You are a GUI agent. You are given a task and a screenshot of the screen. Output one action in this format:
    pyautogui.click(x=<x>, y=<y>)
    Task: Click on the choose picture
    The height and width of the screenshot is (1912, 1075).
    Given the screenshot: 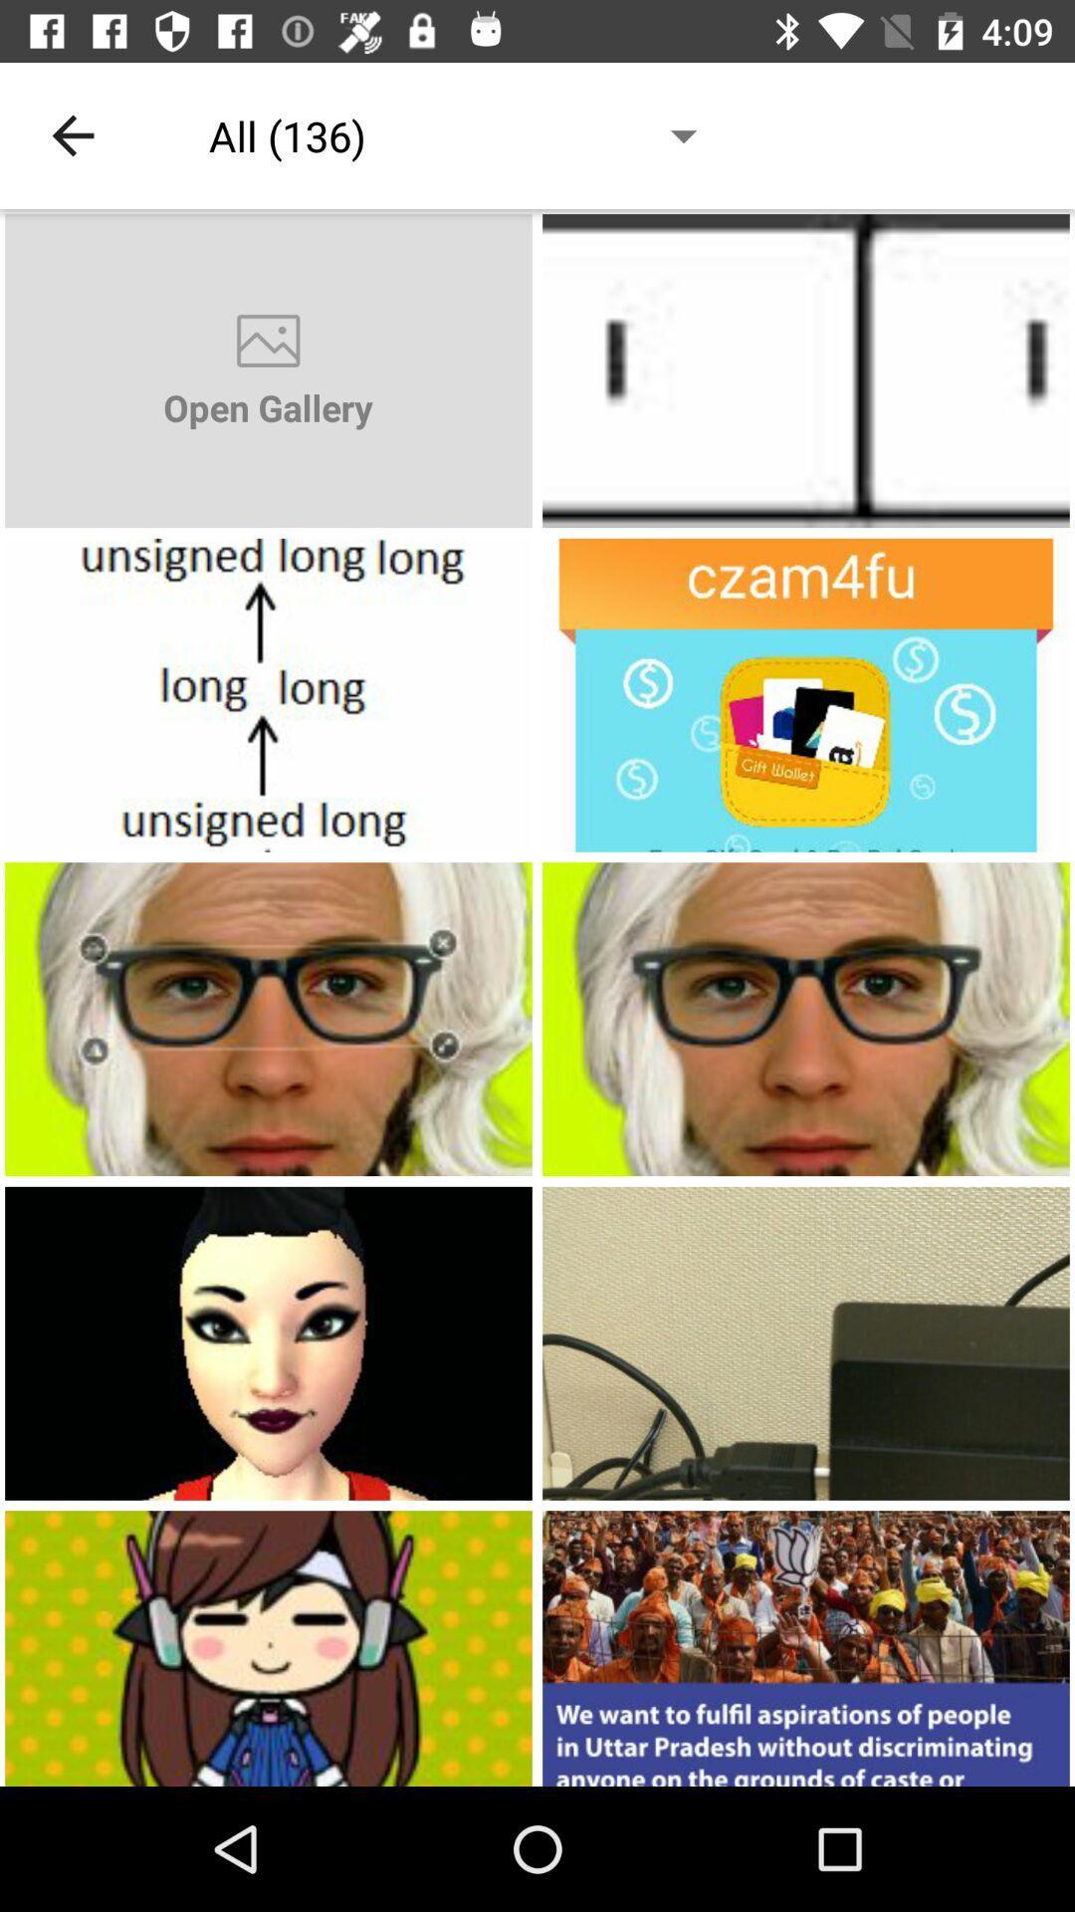 What is the action you would take?
    pyautogui.click(x=269, y=1343)
    